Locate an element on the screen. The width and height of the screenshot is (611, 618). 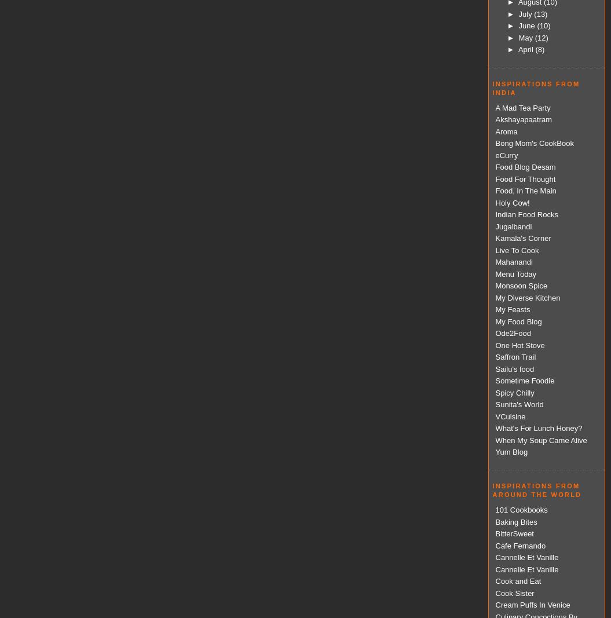
'Yum Blog' is located at coordinates (511, 451).